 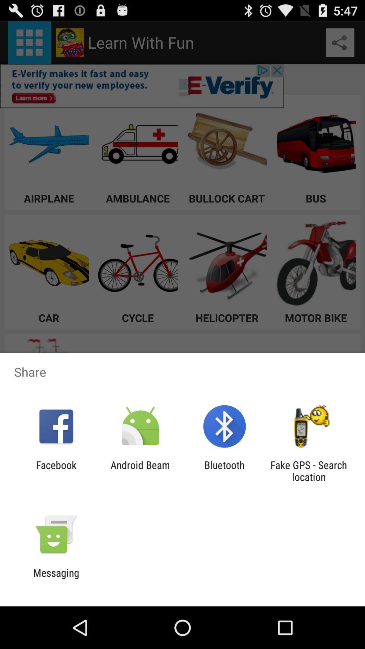 What do you see at coordinates (224, 471) in the screenshot?
I see `the icon to the right of android beam` at bounding box center [224, 471].